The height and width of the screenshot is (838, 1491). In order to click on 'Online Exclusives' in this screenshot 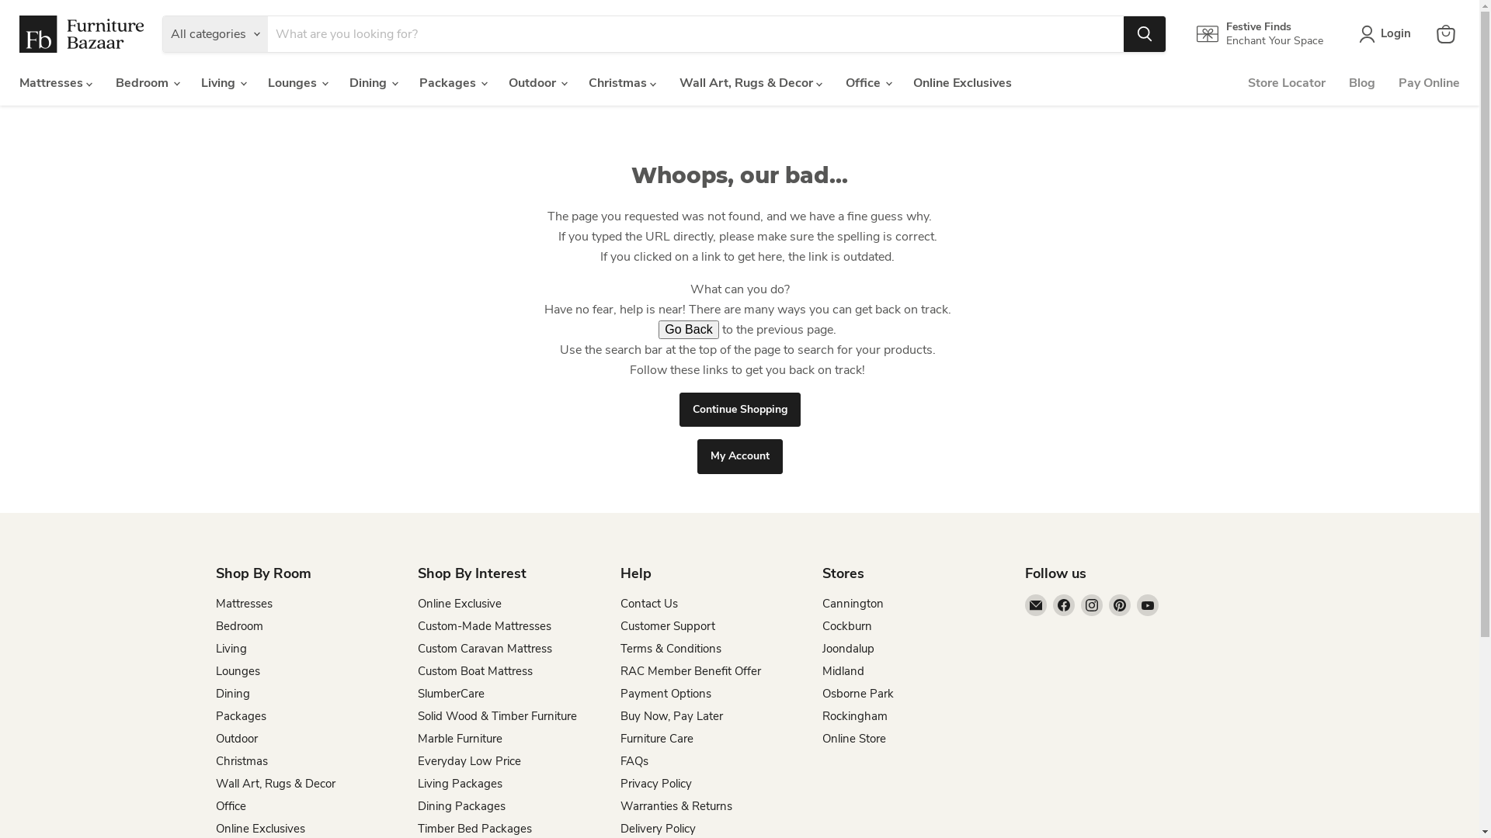, I will do `click(961, 83)`.